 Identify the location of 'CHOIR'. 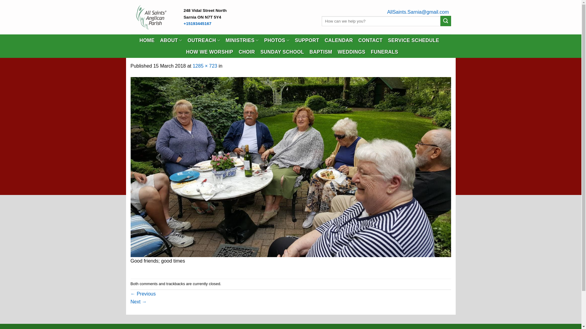
(238, 51).